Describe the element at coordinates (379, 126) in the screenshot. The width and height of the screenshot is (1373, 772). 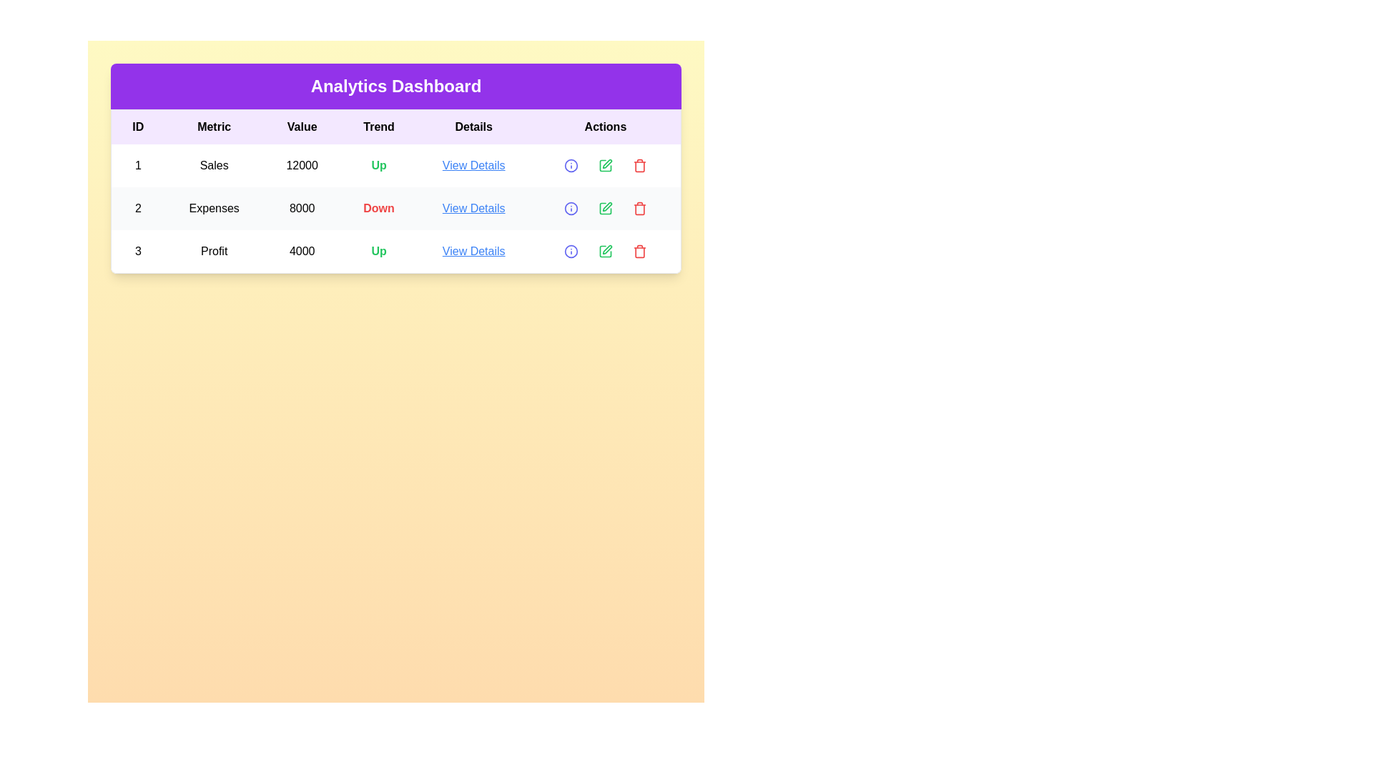
I see `the 'Trend' column header cell in the table to sort the data if the sorting functionality is implemented` at that location.